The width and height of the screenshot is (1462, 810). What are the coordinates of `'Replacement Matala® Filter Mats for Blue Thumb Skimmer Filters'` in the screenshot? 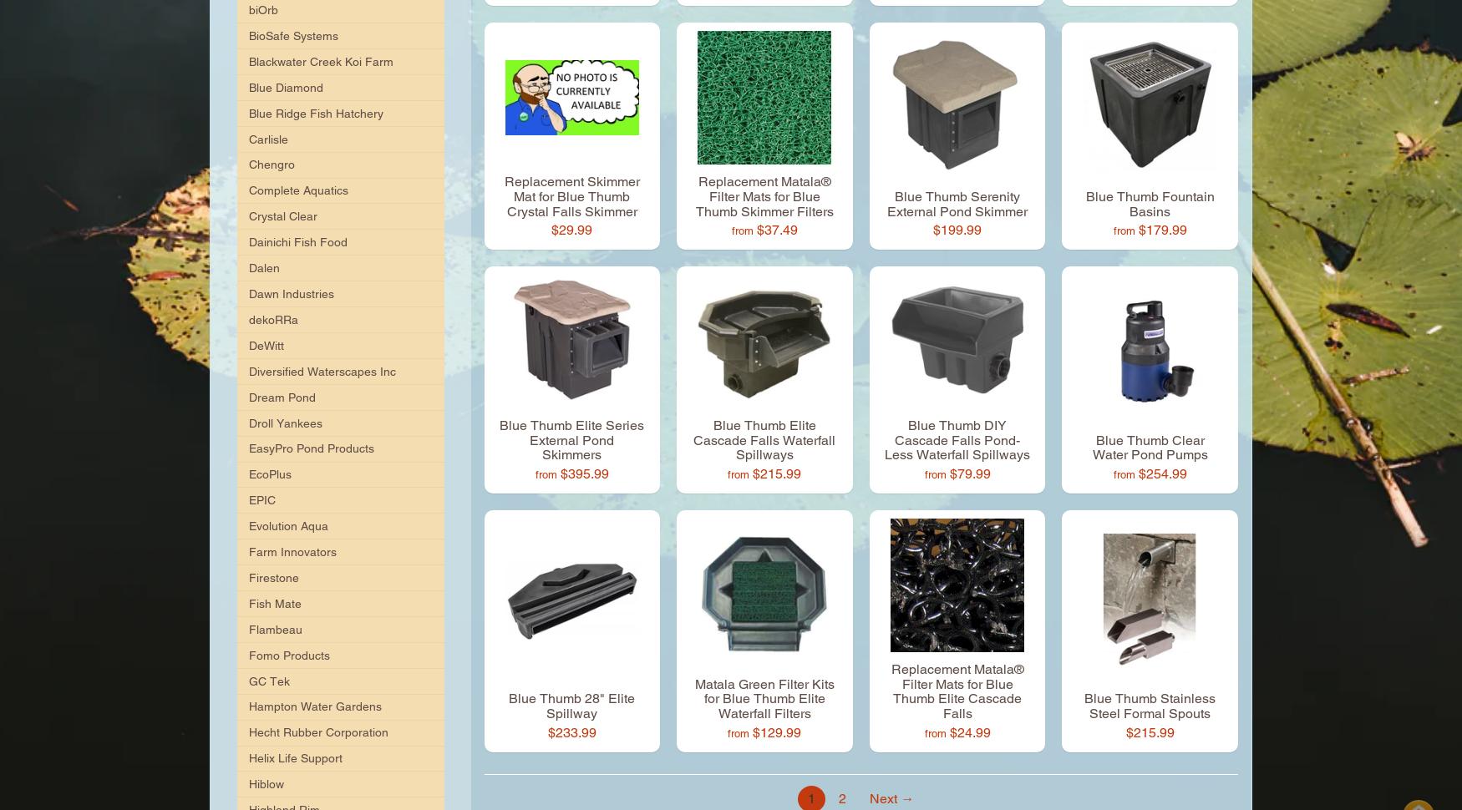 It's located at (763, 196).